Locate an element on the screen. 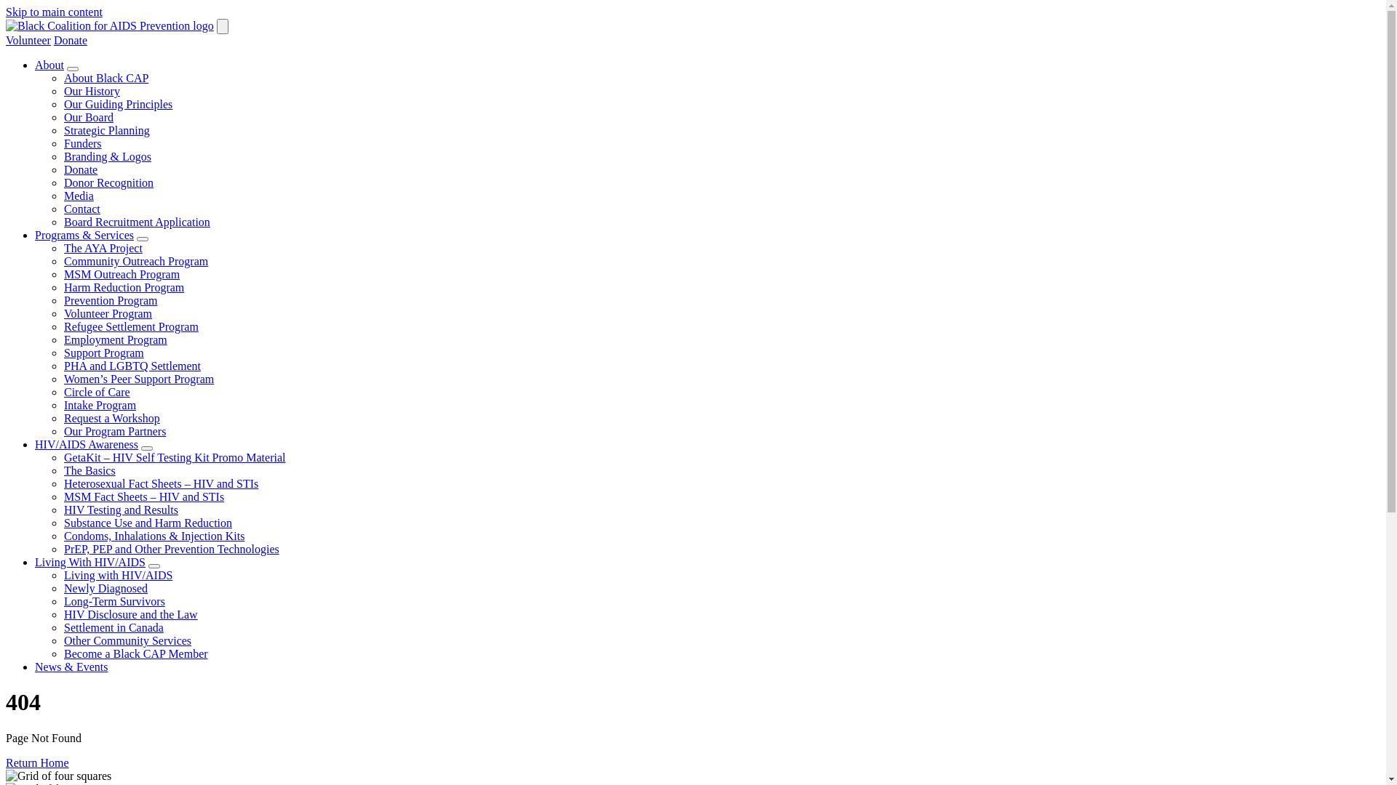  'Request a Workshop' is located at coordinates (63, 418).